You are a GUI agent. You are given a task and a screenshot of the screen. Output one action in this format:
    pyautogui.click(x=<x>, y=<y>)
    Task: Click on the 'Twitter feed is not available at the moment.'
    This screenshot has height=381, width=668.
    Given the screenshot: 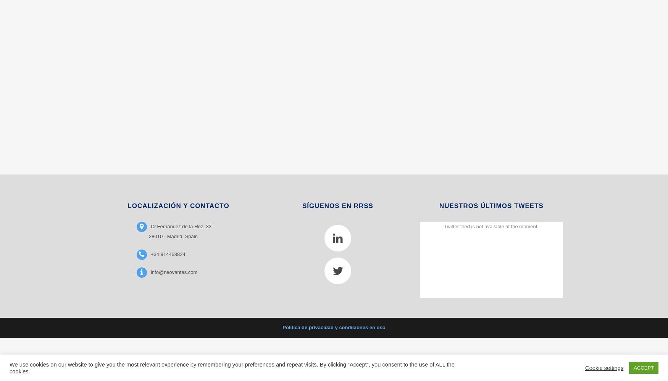 What is the action you would take?
    pyautogui.click(x=491, y=226)
    